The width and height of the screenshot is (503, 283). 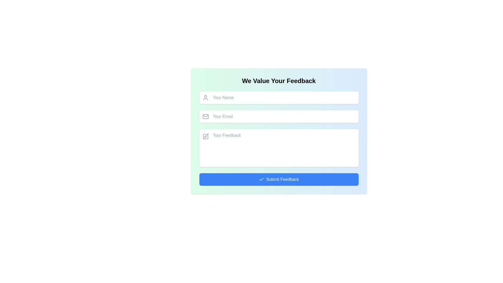 I want to click on the checkmark SVG icon indicating confirmation or success, located within the blue button next to the 'Submit Feedback' label, so click(x=261, y=179).